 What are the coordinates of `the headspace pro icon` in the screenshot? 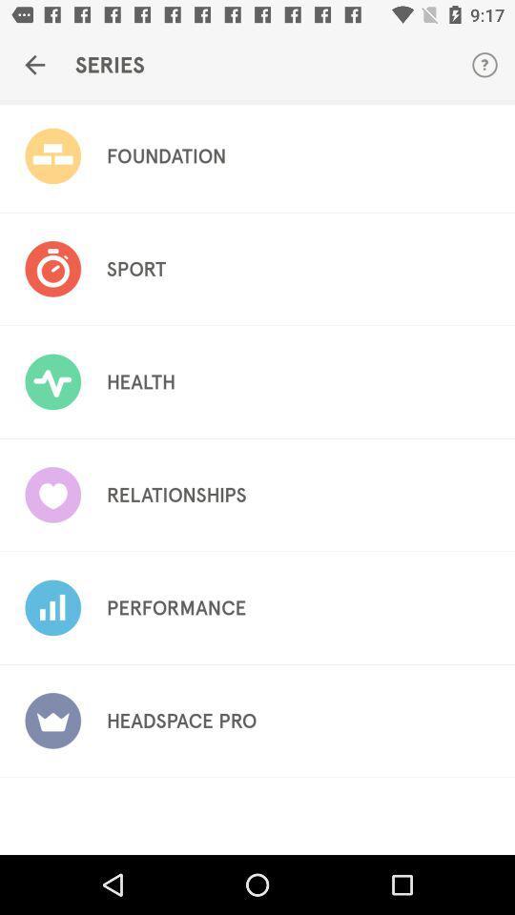 It's located at (181, 720).